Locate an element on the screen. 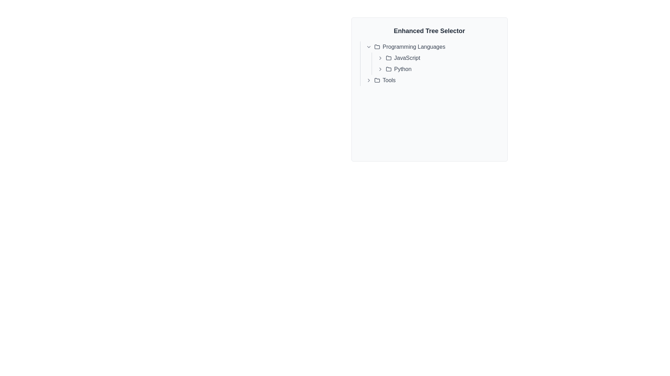 The height and width of the screenshot is (376, 670). the interactive arrow icon button is located at coordinates (380, 69).